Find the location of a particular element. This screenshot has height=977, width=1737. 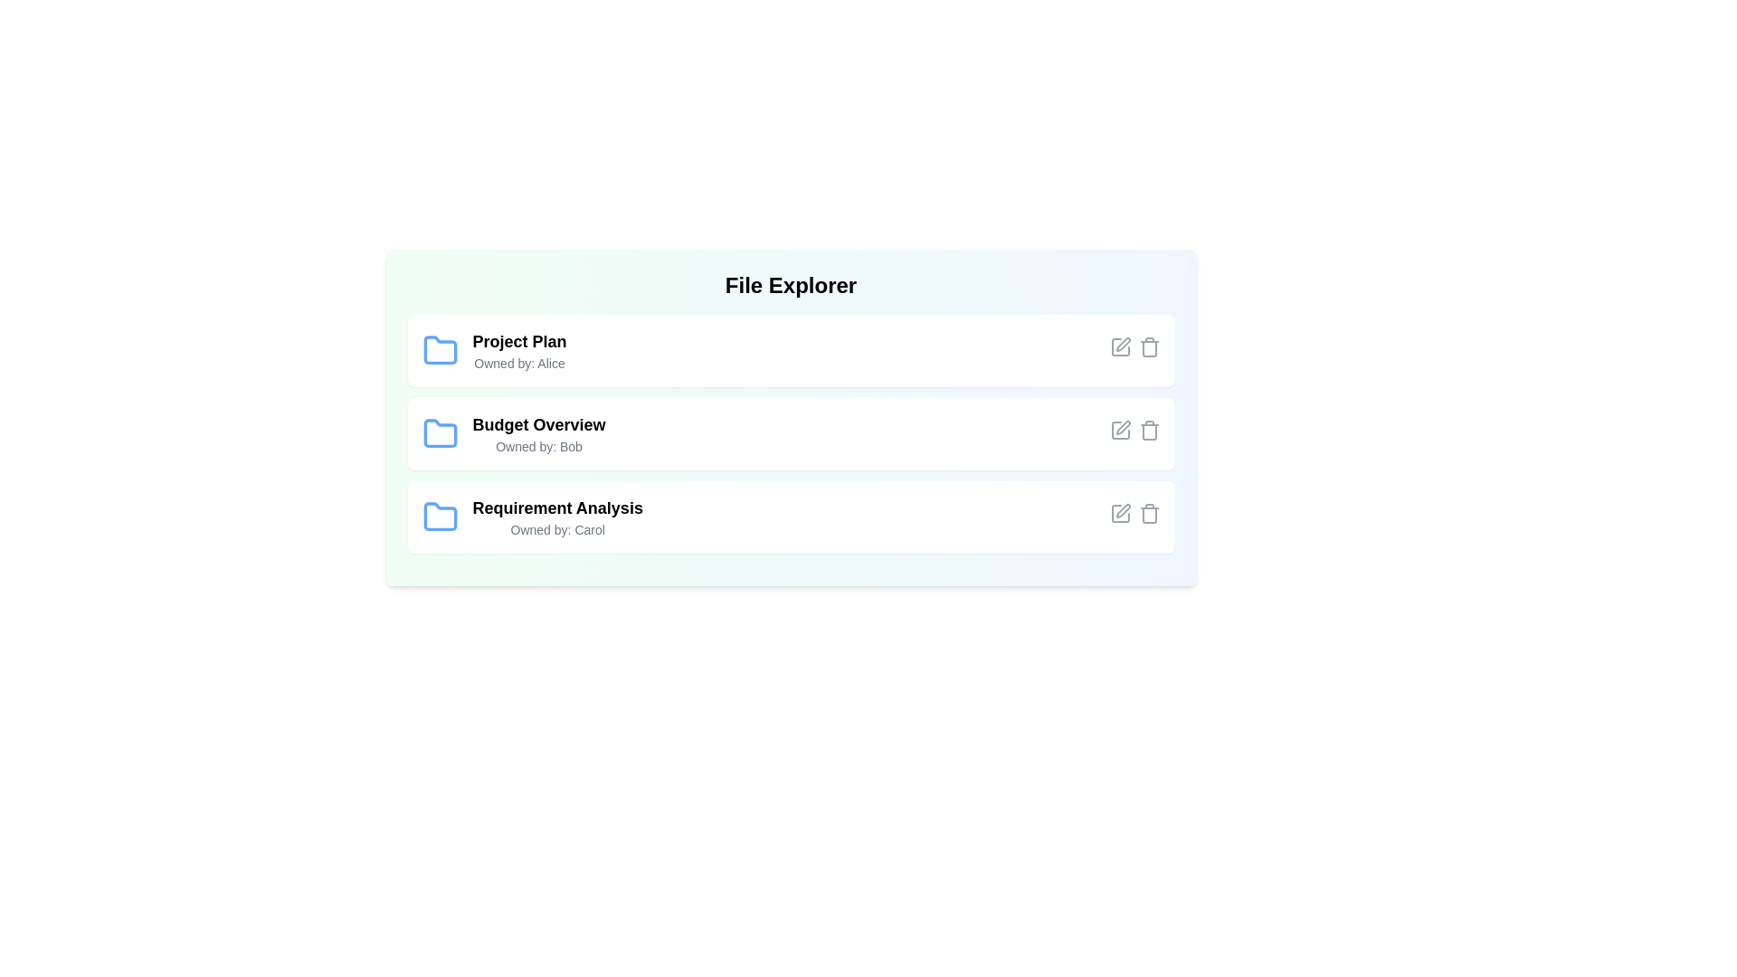

the edit icon for the file Requirement Analysis is located at coordinates (1119, 513).